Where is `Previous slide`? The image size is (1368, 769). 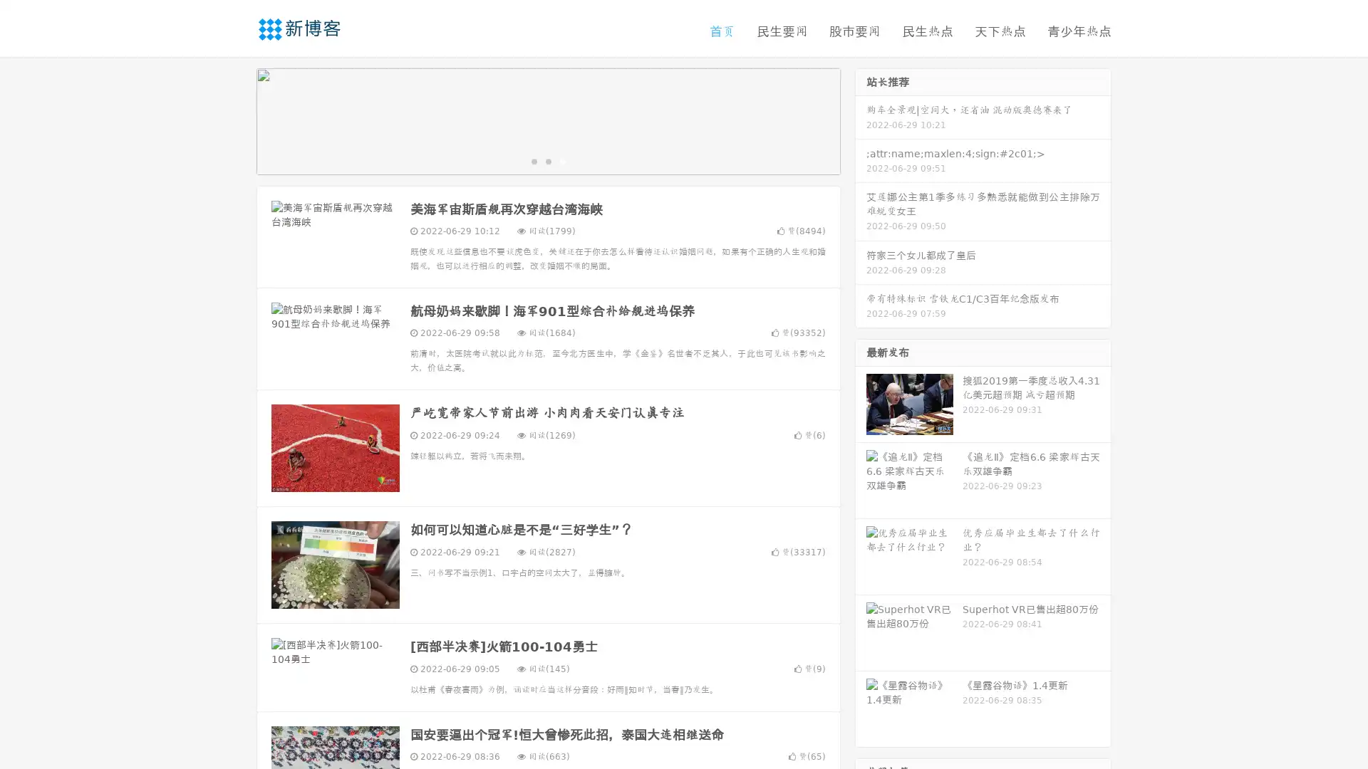 Previous slide is located at coordinates (235, 120).